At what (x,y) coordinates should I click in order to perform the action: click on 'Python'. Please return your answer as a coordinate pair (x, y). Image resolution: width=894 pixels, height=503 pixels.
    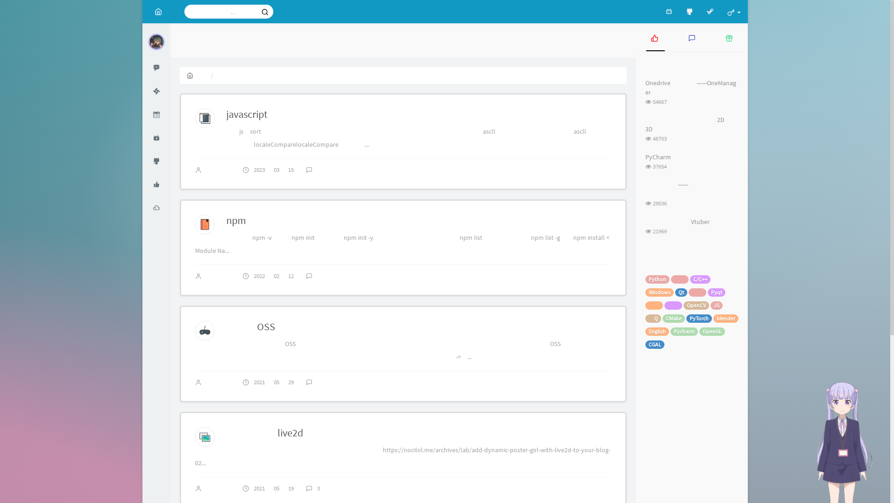
    Looking at the image, I should click on (657, 279).